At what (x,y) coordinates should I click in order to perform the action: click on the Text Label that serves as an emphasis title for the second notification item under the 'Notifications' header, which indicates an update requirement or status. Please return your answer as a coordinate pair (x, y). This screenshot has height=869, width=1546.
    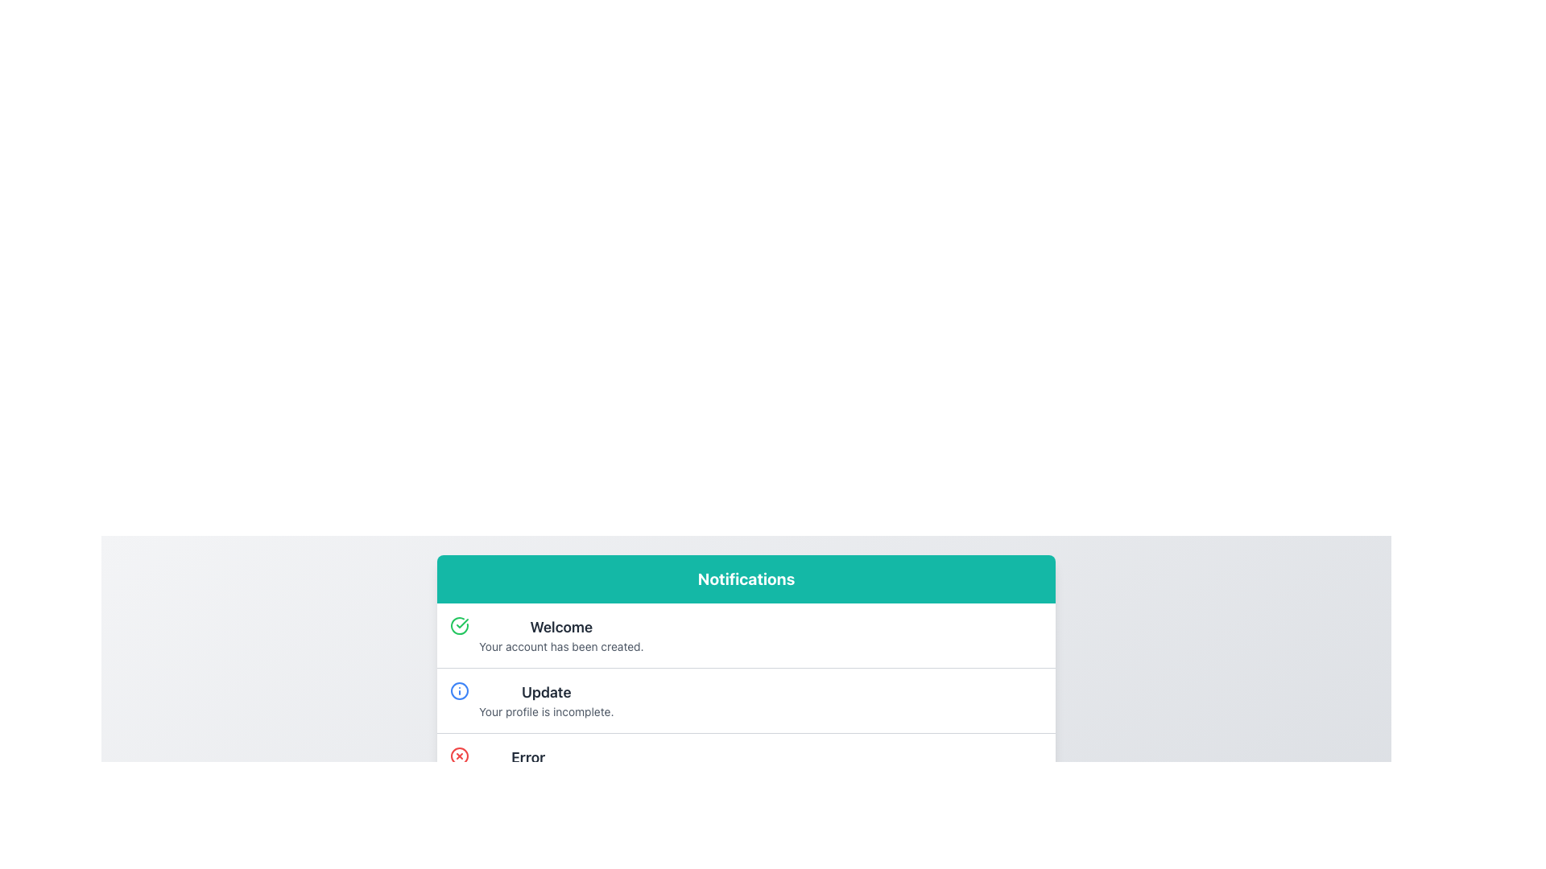
    Looking at the image, I should click on (546, 691).